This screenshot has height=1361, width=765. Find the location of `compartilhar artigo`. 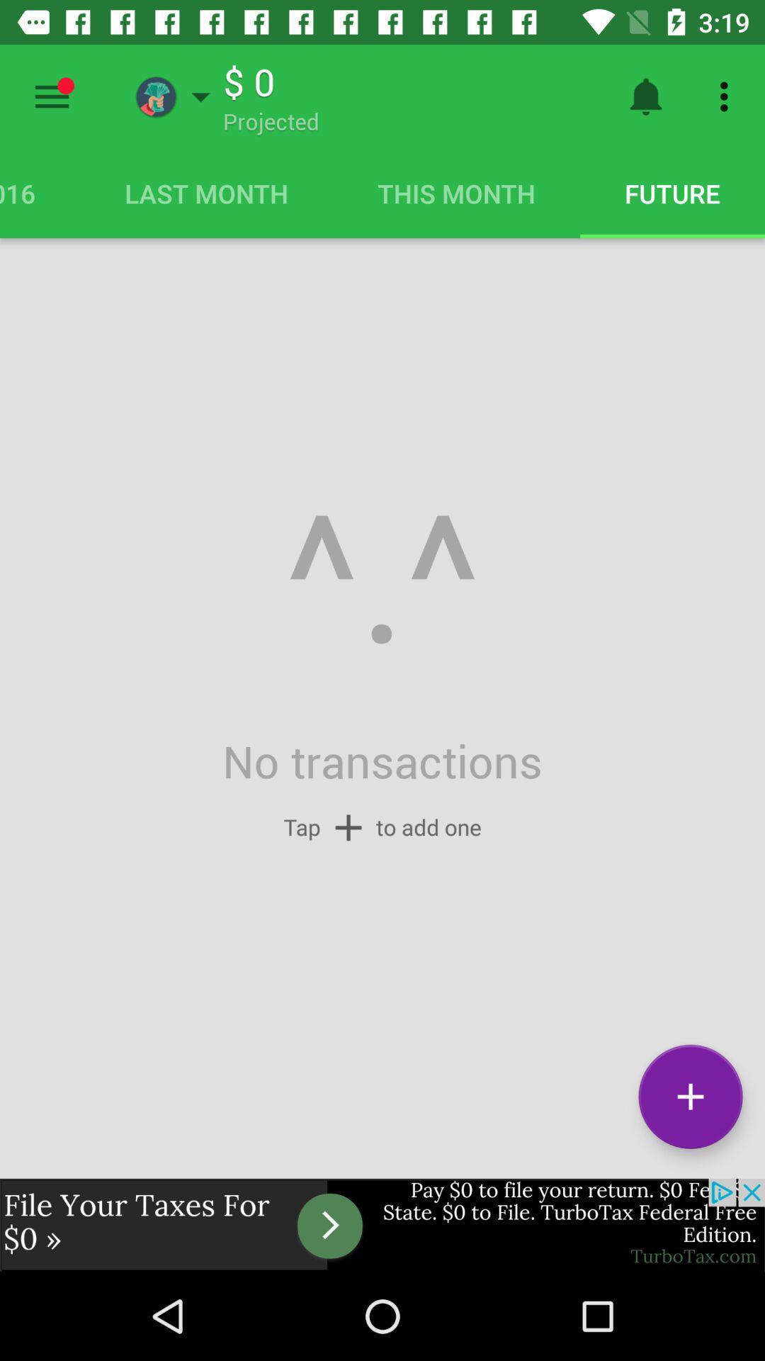

compartilhar artigo is located at coordinates (51, 96).